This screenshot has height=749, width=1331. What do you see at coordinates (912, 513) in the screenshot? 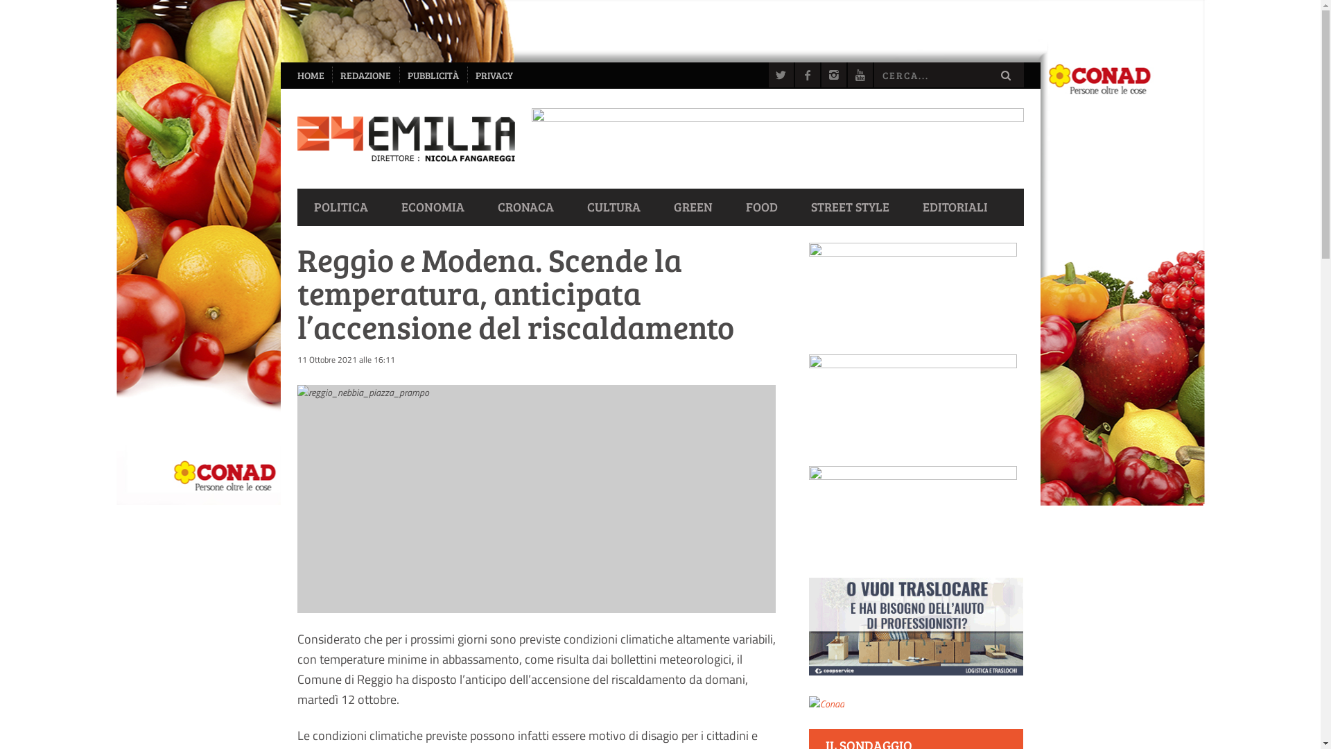
I see `'Confcommercio Reggio Emilia'` at bounding box center [912, 513].